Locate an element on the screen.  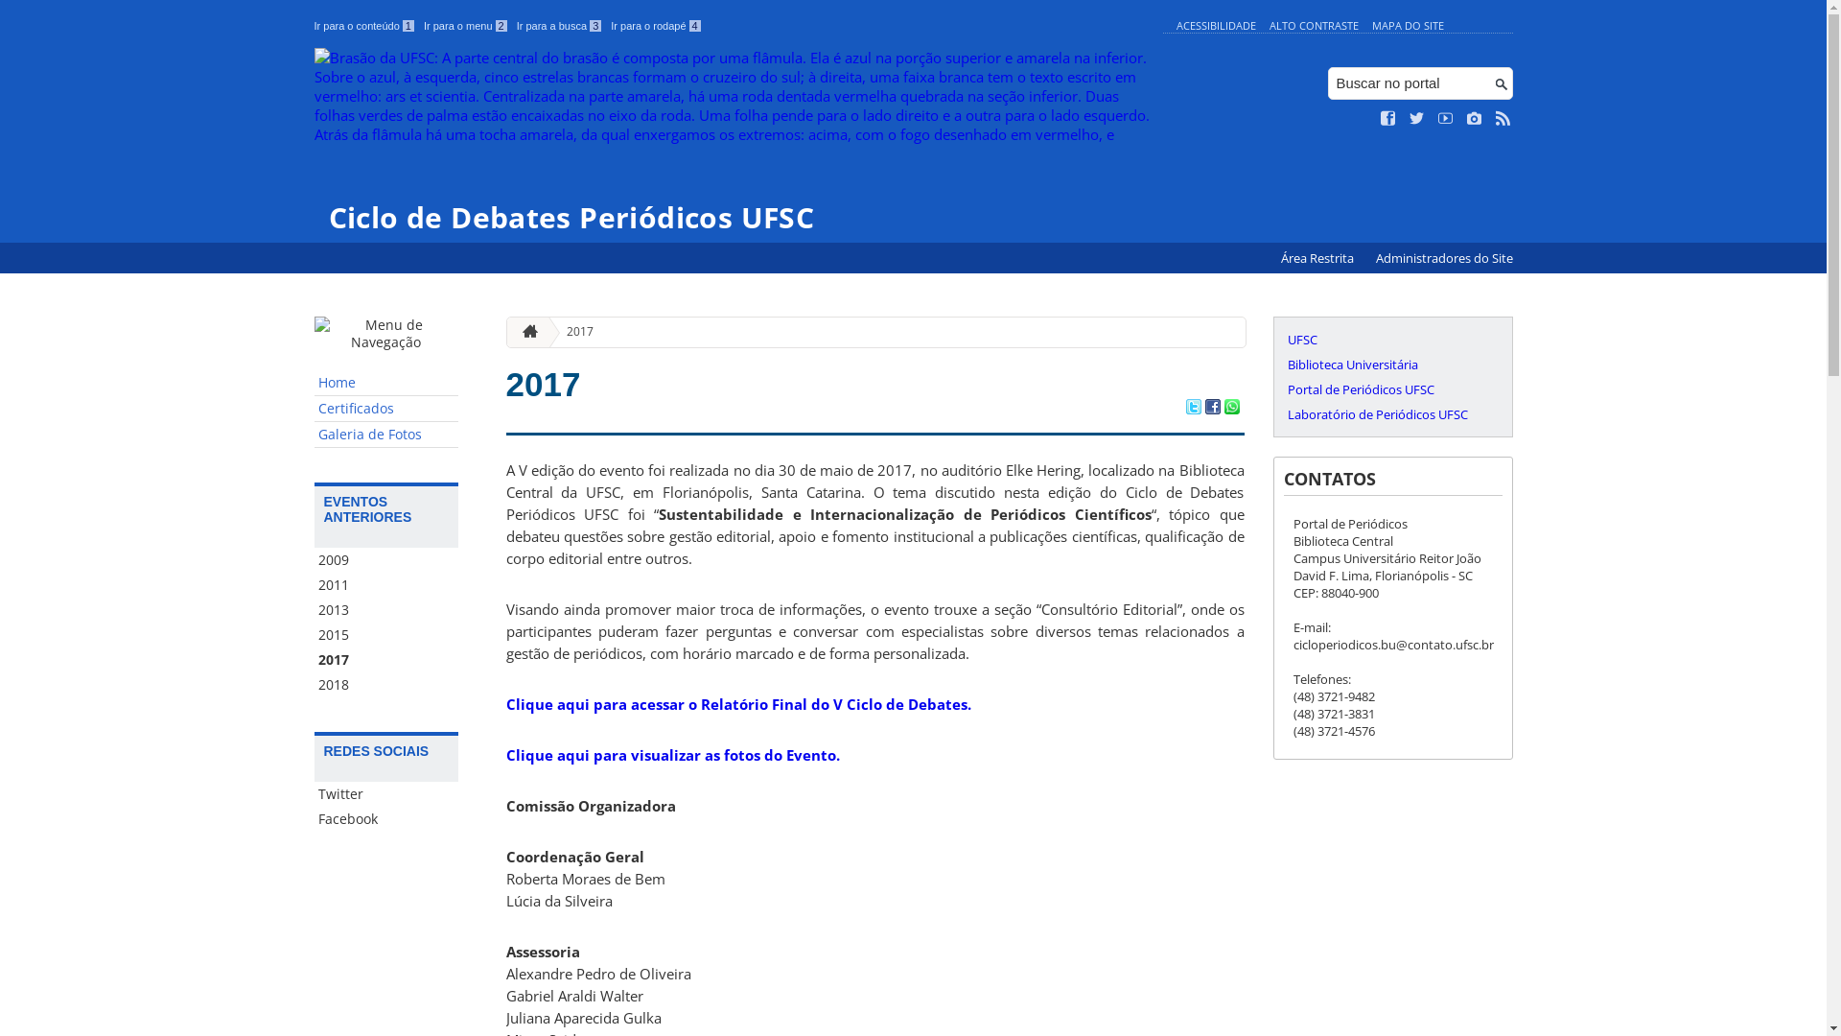
'ALTO CONTRASTE' is located at coordinates (1313, 25).